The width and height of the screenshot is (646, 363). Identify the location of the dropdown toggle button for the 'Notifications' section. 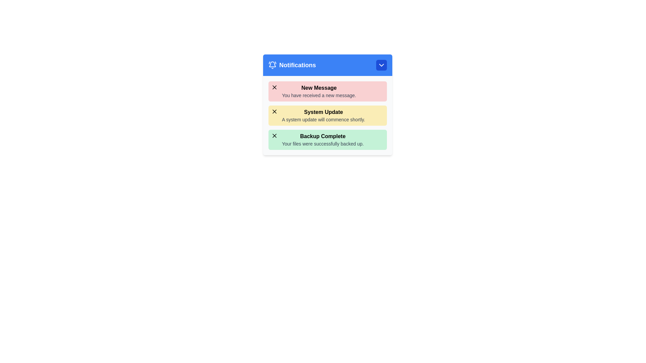
(381, 65).